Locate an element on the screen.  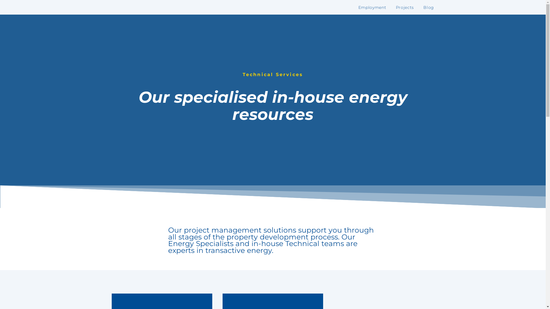
'Blog' is located at coordinates (429, 7).